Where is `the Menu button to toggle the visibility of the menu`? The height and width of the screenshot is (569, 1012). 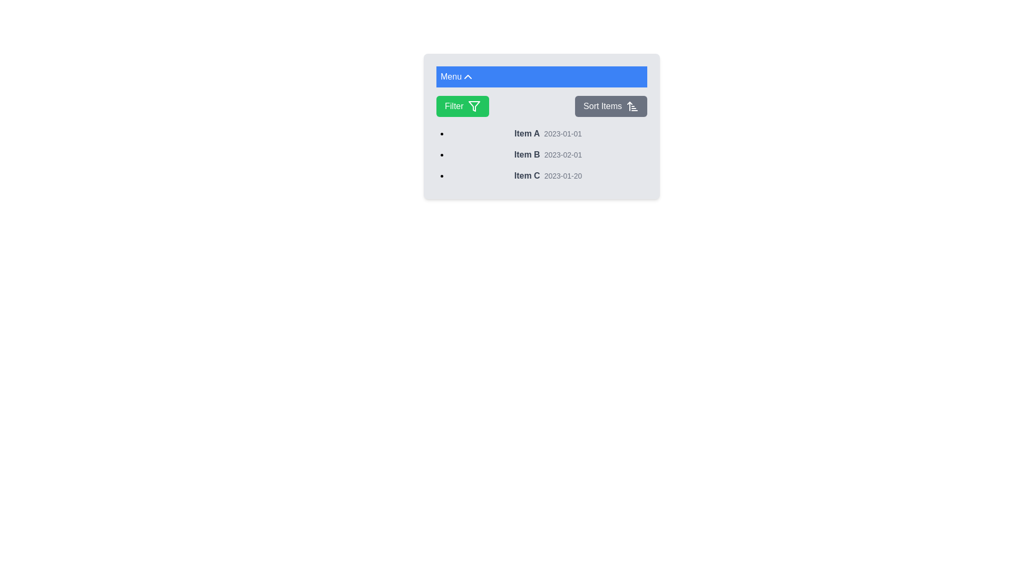
the Menu button to toggle the visibility of the menu is located at coordinates (541, 76).